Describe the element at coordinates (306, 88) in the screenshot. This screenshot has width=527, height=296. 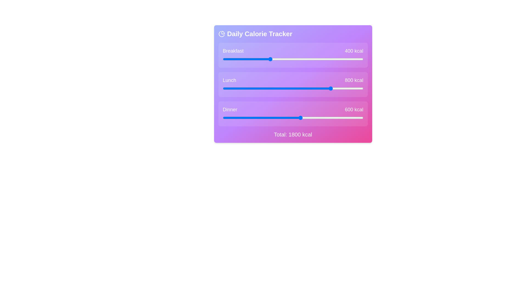
I see `the lunch calorie value` at that location.